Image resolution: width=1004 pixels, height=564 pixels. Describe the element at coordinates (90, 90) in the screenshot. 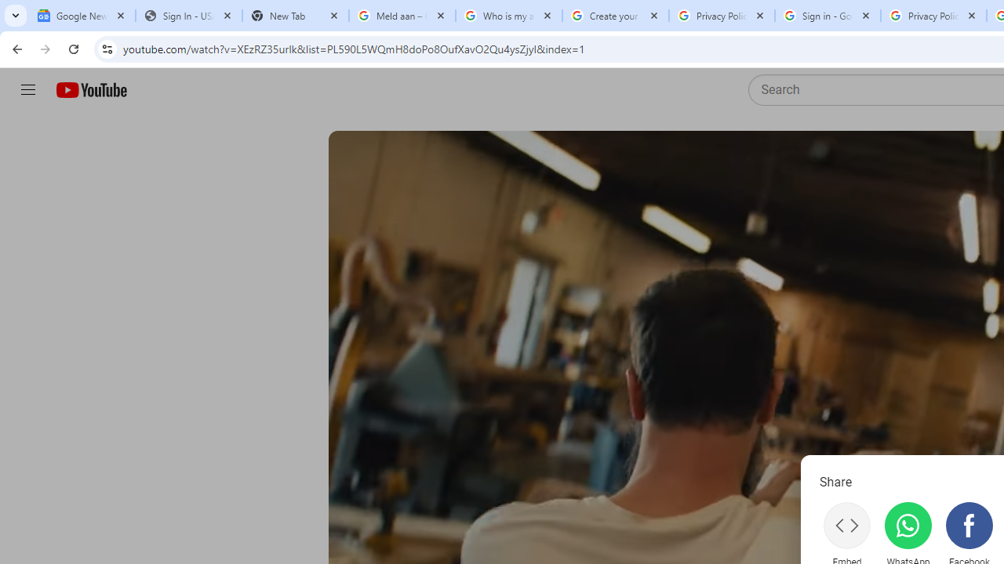

I see `'YouTube Home'` at that location.